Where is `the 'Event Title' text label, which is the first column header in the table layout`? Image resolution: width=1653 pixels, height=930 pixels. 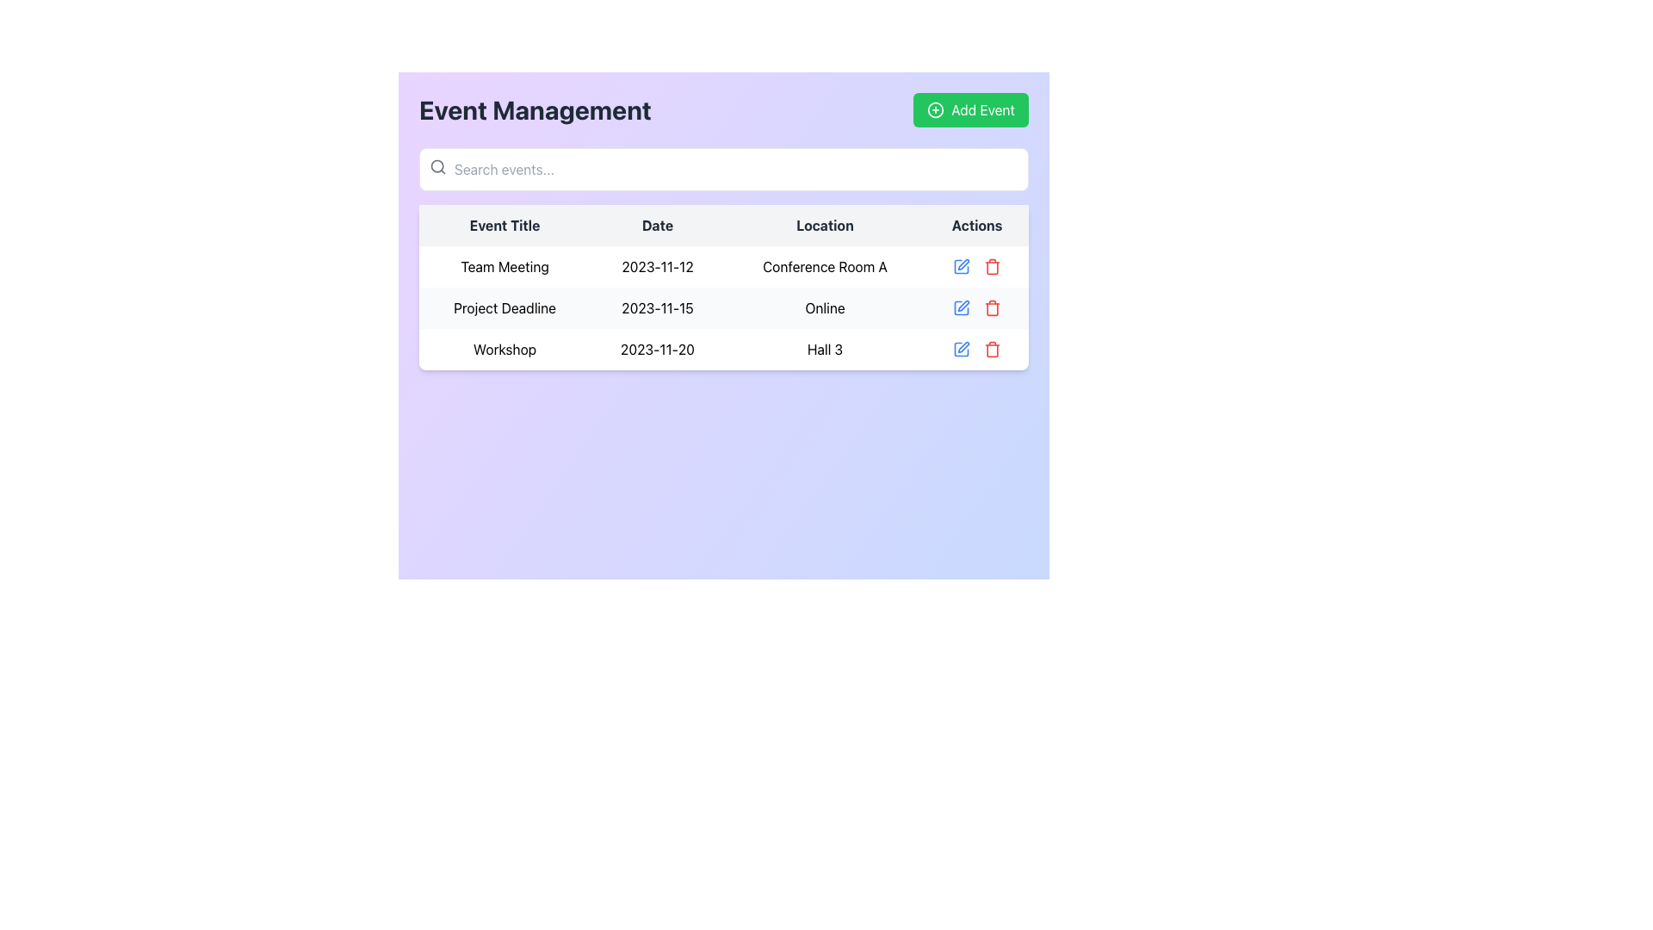 the 'Event Title' text label, which is the first column header in the table layout is located at coordinates (504, 225).